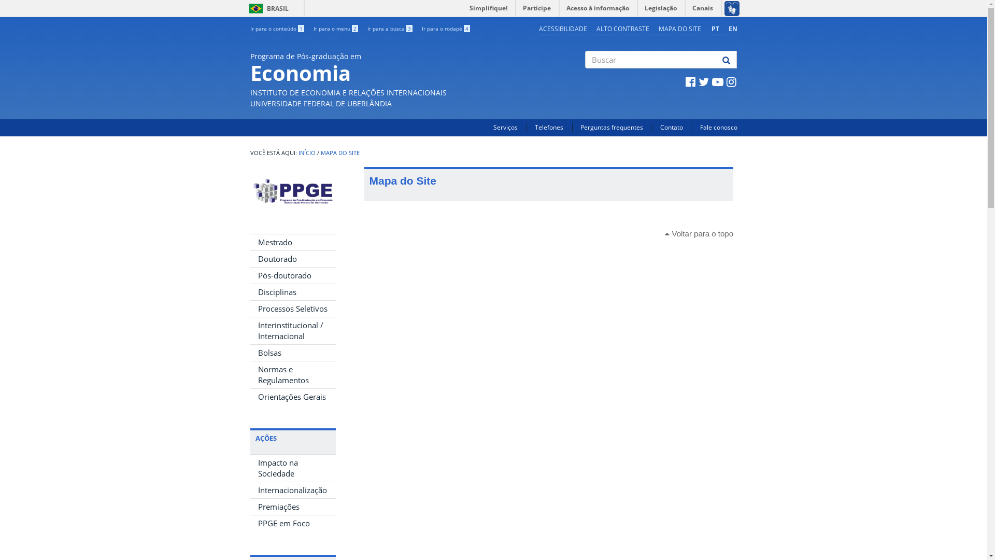 The image size is (995, 560). Describe the element at coordinates (292, 352) in the screenshot. I see `'Bolsas'` at that location.